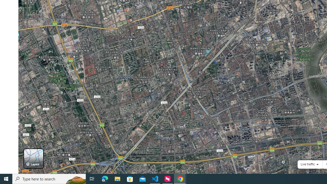 This screenshot has width=327, height=184. What do you see at coordinates (33, 158) in the screenshot?
I see `'Layers'` at bounding box center [33, 158].